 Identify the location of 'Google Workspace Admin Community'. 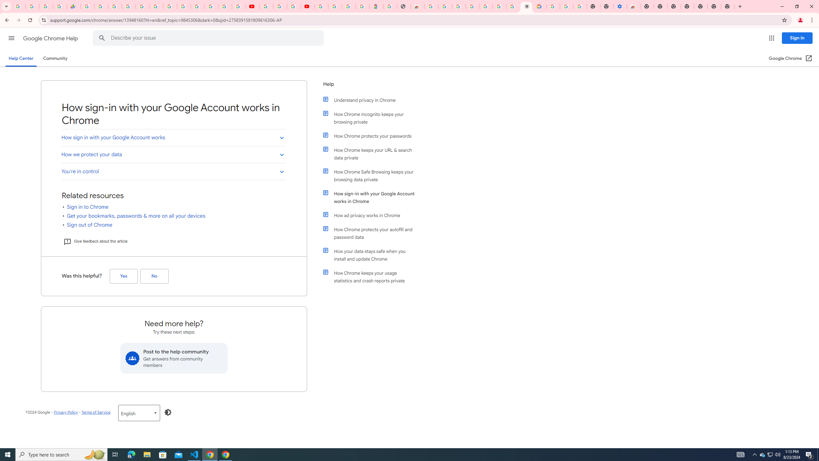
(18, 6).